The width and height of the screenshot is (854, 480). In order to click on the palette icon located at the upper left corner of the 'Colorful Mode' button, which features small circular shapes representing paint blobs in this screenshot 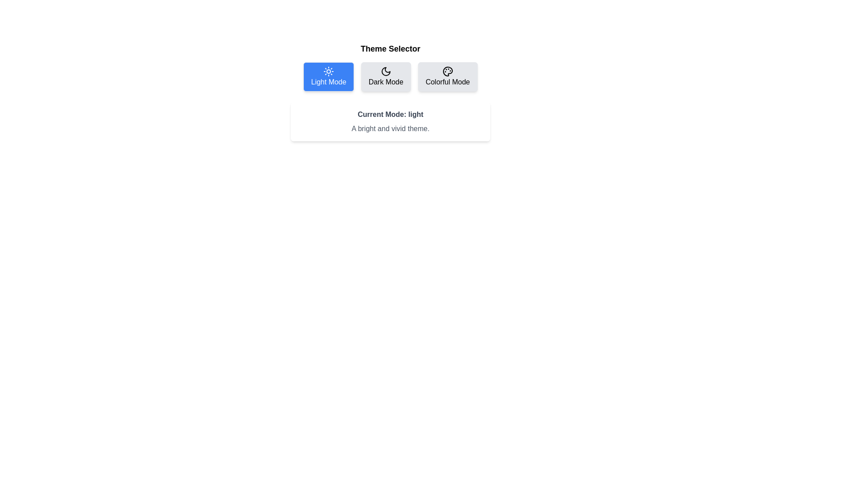, I will do `click(447, 71)`.